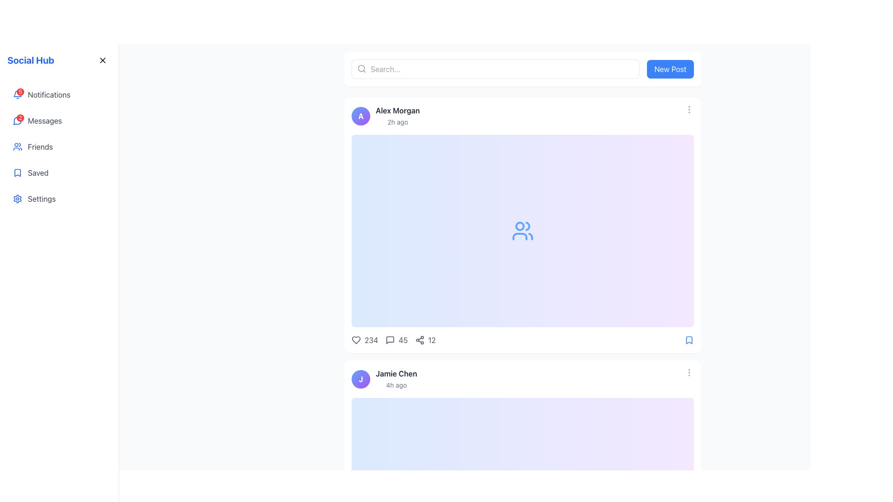 The height and width of the screenshot is (502, 893). Describe the element at coordinates (18, 172) in the screenshot. I see `the blue bookmark icon located in the sidebar navigation menu next to the 'Saved' label, which is the fourth item from the top` at that location.